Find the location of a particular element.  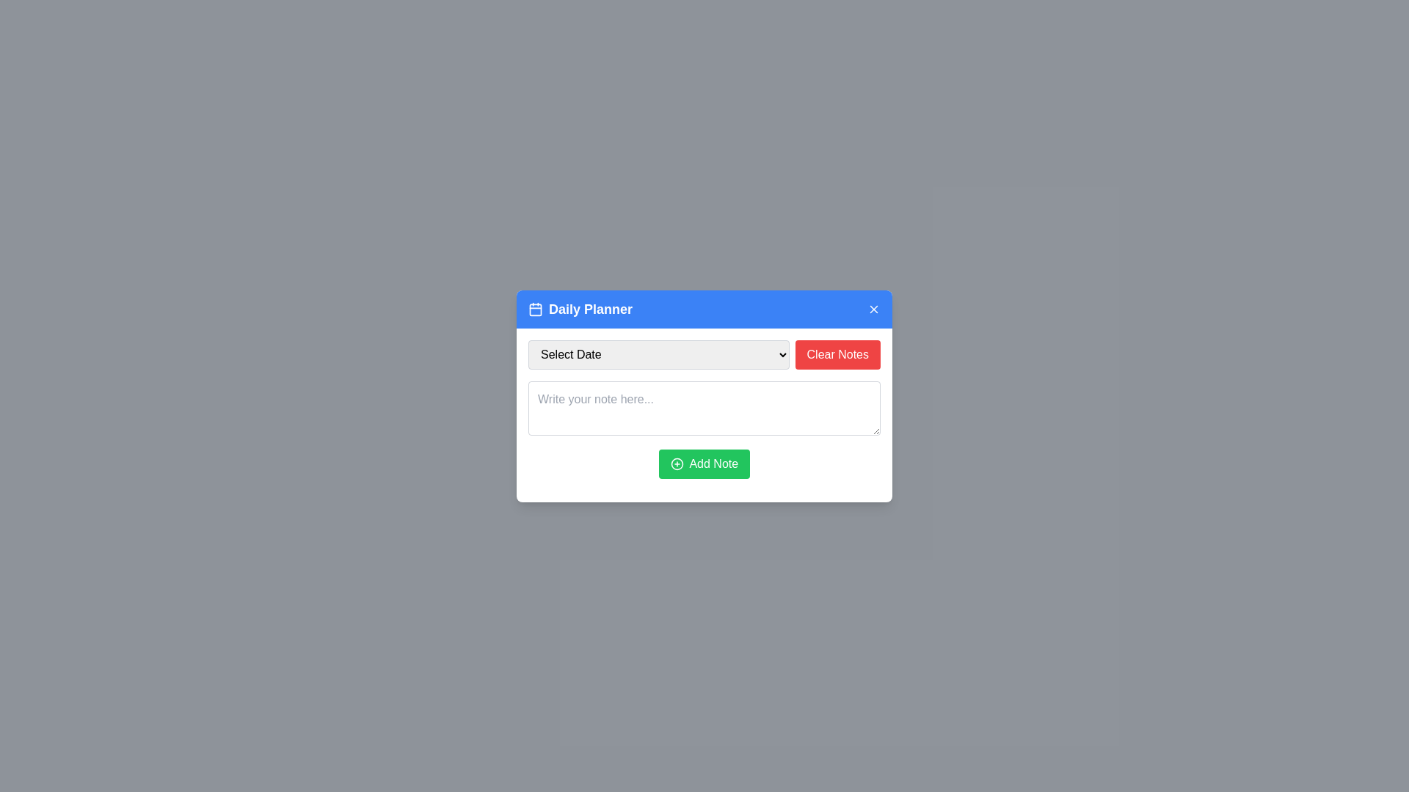

the Decorative Icon, which is a circular icon with a green border containing a '+' symbol, located inside the 'Add Note' button on its left end is located at coordinates (676, 464).